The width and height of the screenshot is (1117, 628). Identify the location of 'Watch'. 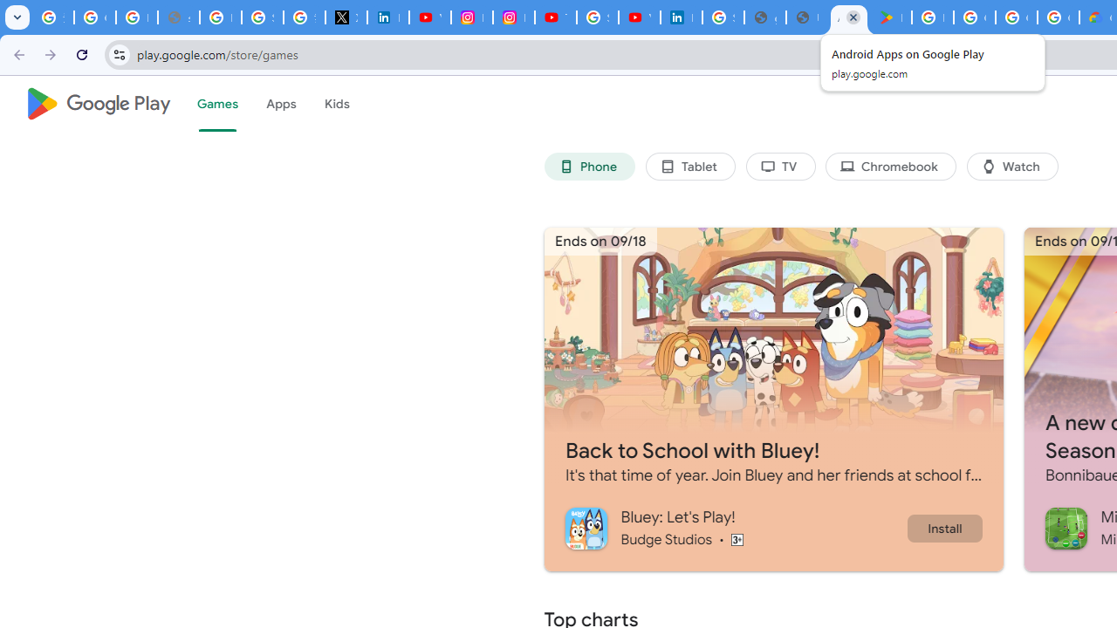
(1012, 167).